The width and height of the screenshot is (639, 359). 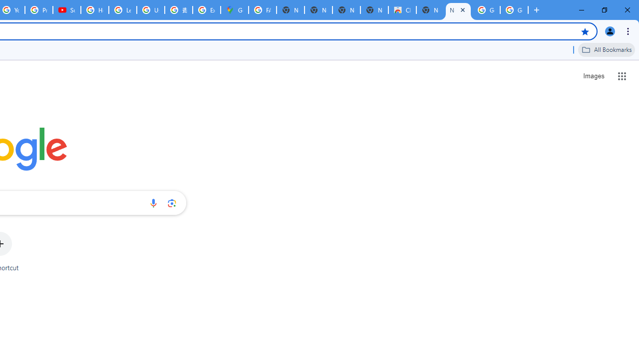 What do you see at coordinates (172, 202) in the screenshot?
I see `'Search by image'` at bounding box center [172, 202].